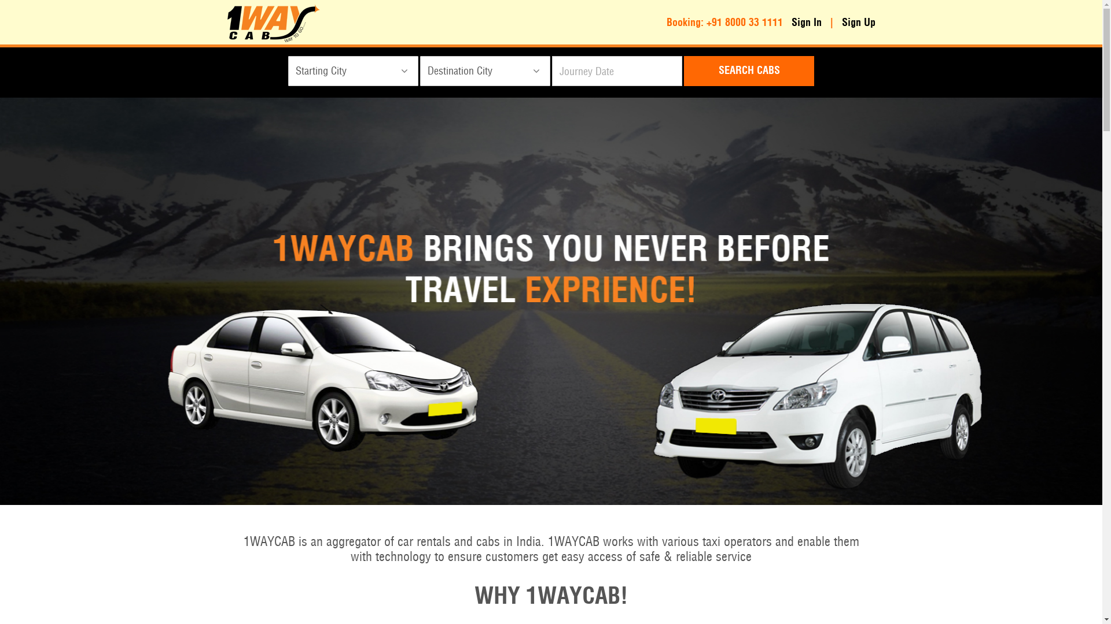 Image resolution: width=1111 pixels, height=624 pixels. Describe the element at coordinates (805, 22) in the screenshot. I see `'Sign In'` at that location.